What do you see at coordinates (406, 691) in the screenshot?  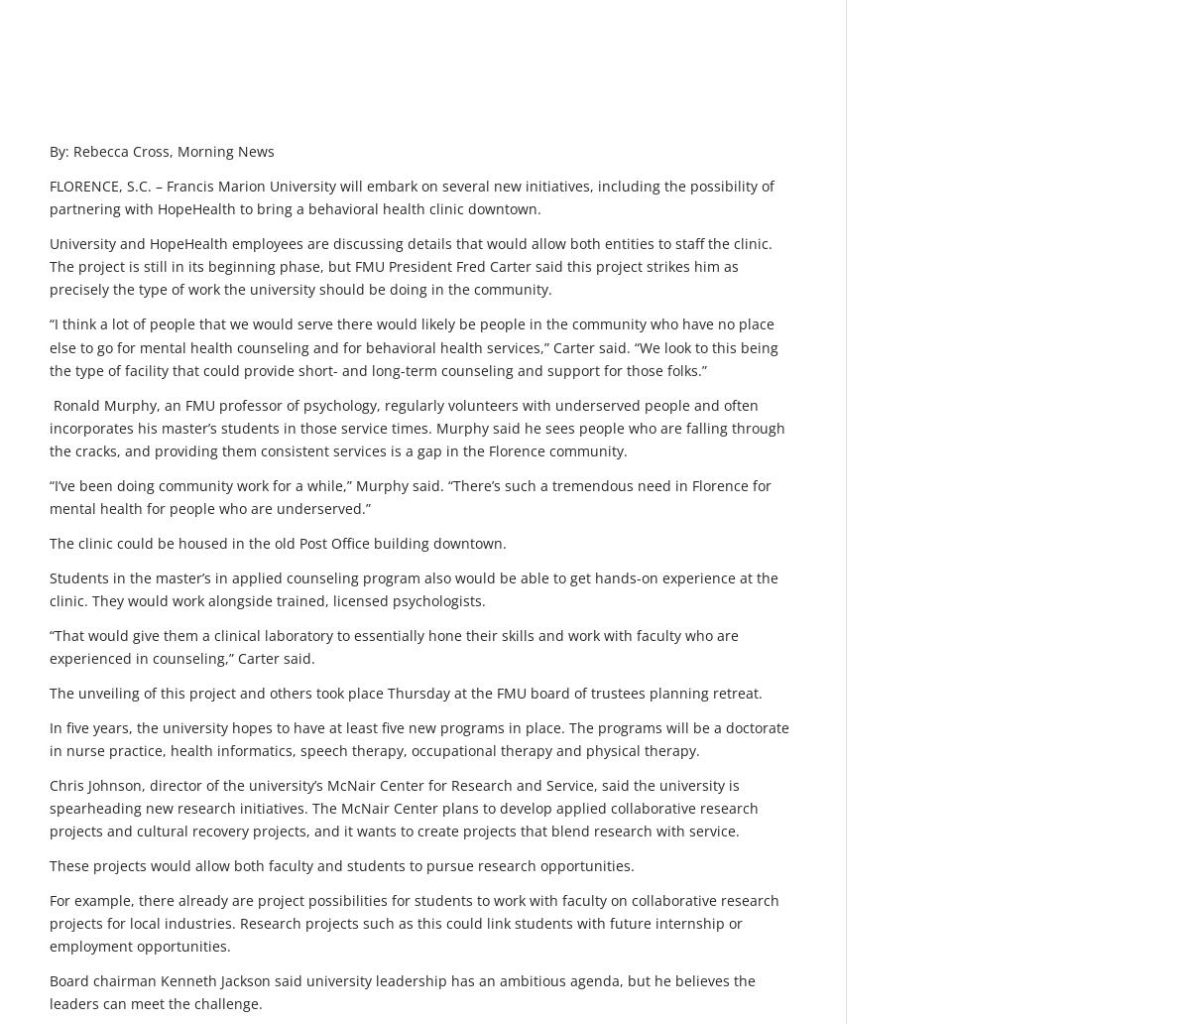 I see `'The unveiling of this project and others took place Thursday at the FMU board of trustees planning retreat.'` at bounding box center [406, 691].